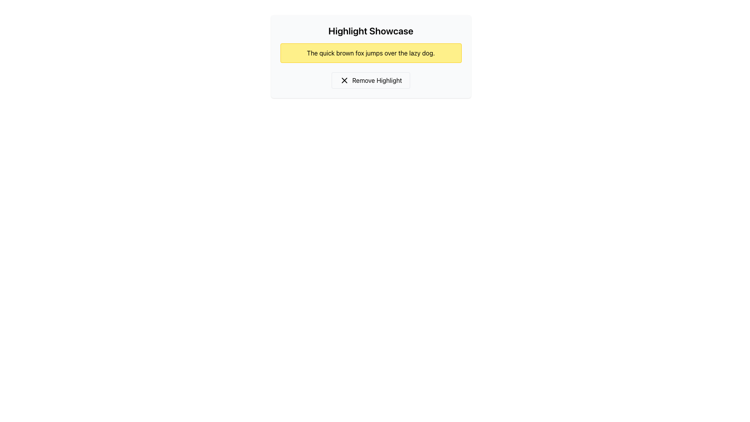  Describe the element at coordinates (370, 56) in the screenshot. I see `the Text Display Area located below the 'Highlight Showcase' title and above the 'Remove Highlight' button` at that location.